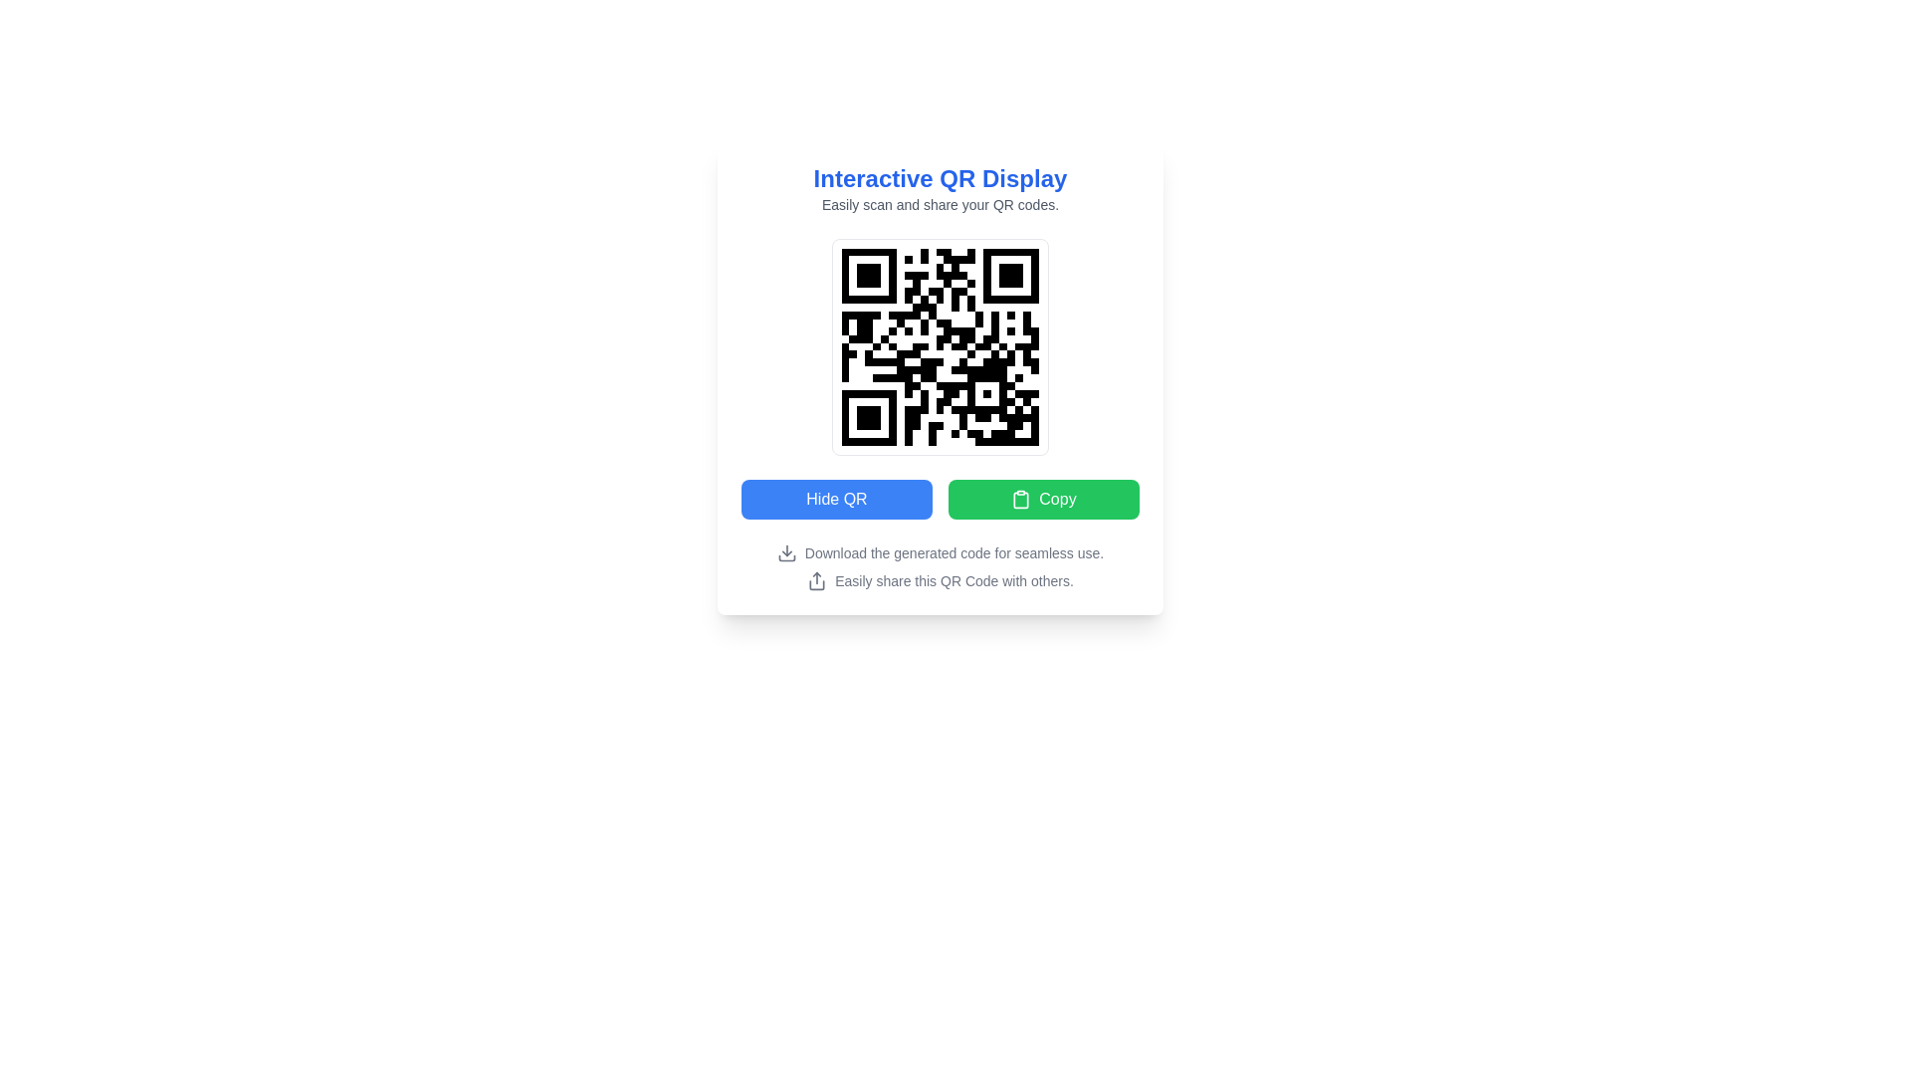  What do you see at coordinates (940, 188) in the screenshot?
I see `the Text block located at the top-center of the card, which provides the title and subtitle for the QR code functionalities` at bounding box center [940, 188].